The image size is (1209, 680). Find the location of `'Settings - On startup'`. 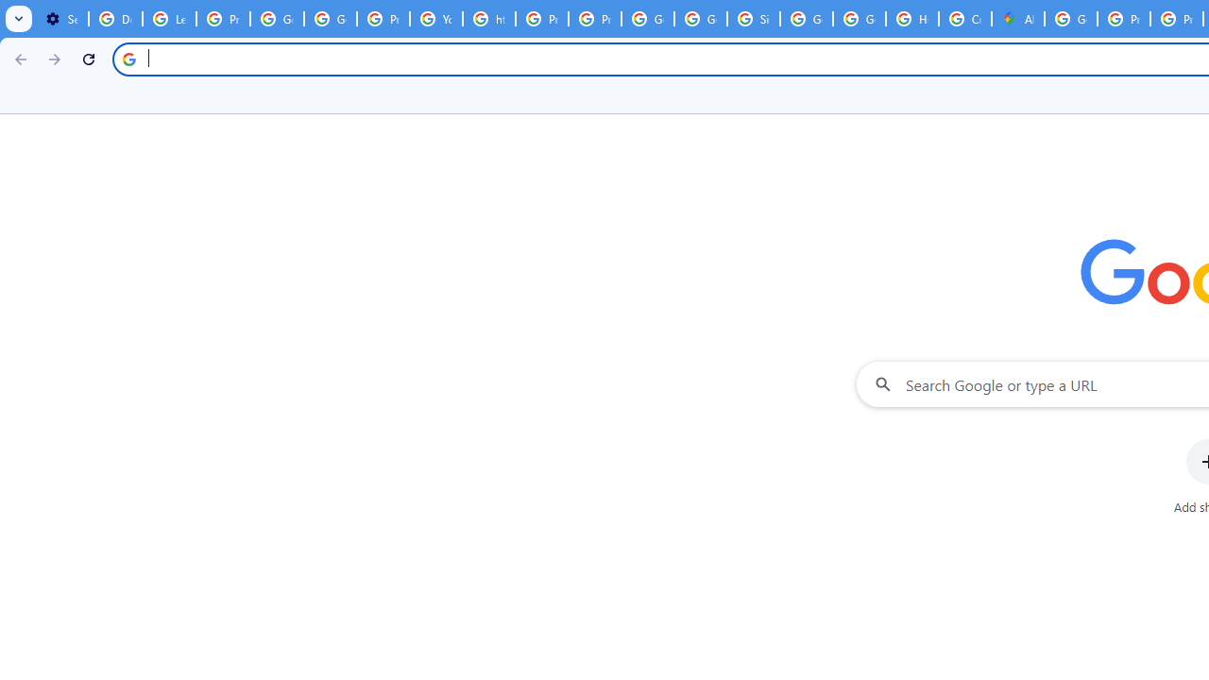

'Settings - On startup' is located at coordinates (61, 19).